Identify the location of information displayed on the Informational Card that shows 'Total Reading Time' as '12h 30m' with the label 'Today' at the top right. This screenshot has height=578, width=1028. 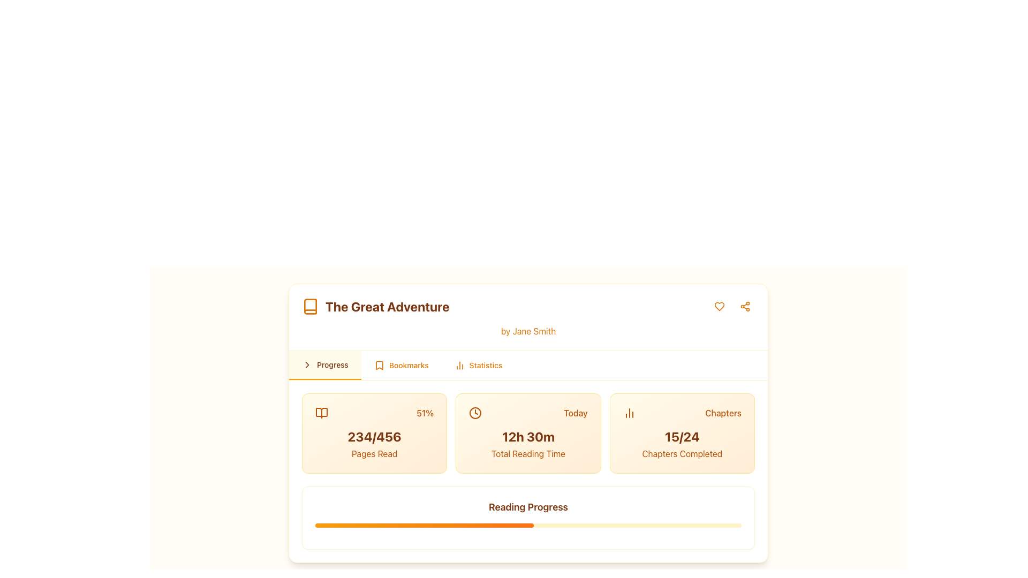
(528, 470).